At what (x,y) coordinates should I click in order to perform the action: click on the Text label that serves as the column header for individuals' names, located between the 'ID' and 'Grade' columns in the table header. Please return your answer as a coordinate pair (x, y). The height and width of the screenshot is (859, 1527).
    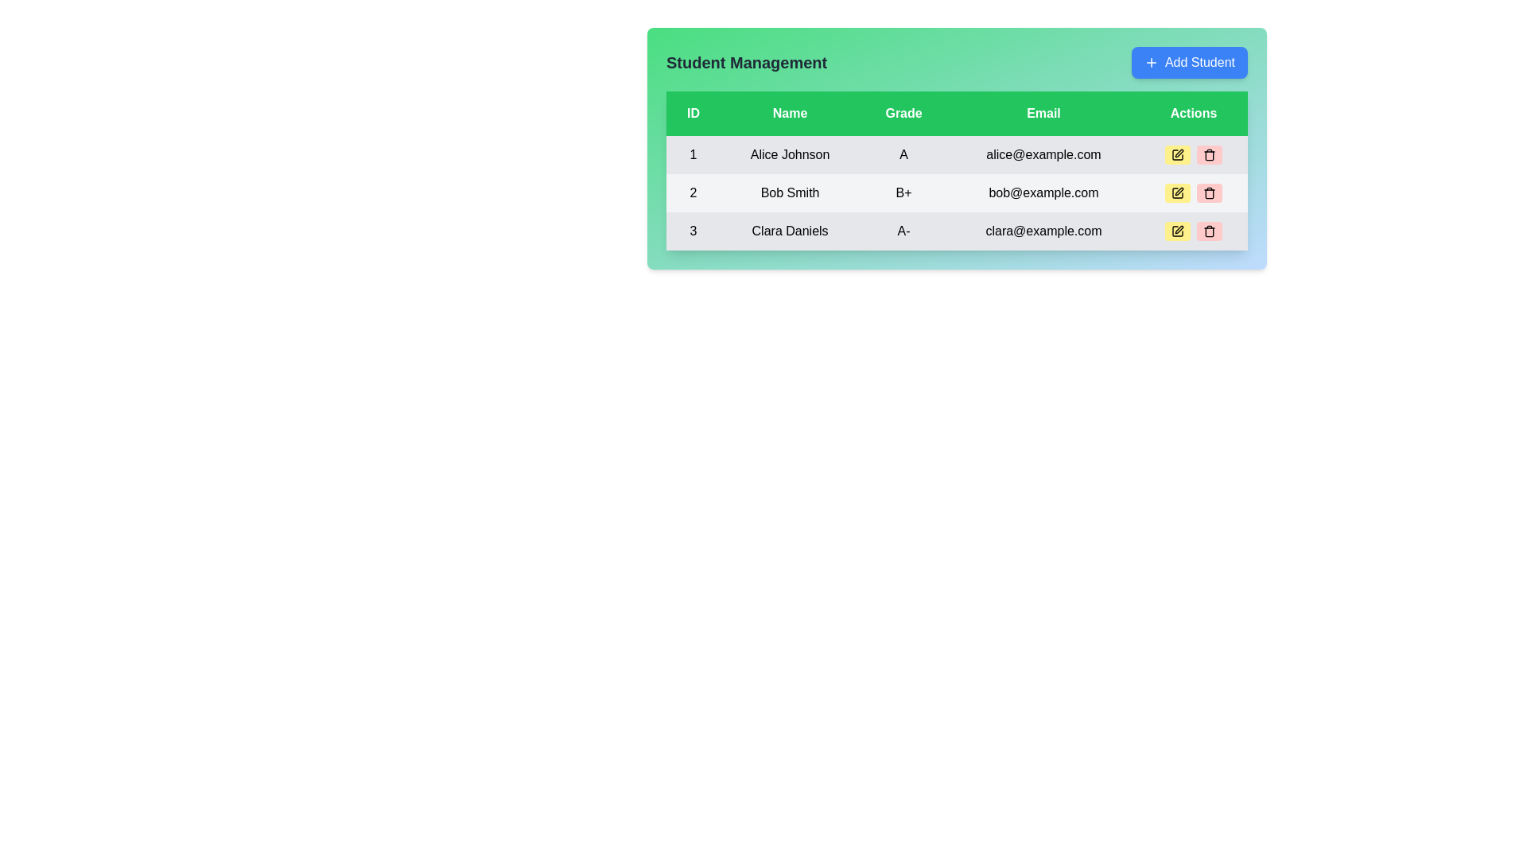
    Looking at the image, I should click on (790, 112).